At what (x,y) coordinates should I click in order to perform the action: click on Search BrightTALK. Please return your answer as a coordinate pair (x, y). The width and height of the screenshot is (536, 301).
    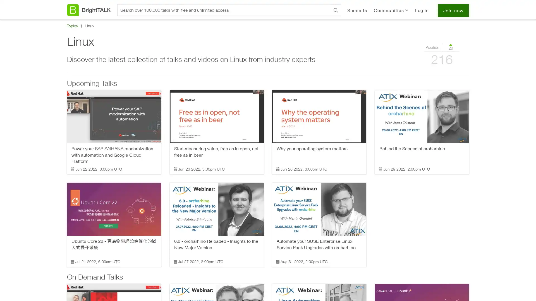
    Looking at the image, I should click on (336, 11).